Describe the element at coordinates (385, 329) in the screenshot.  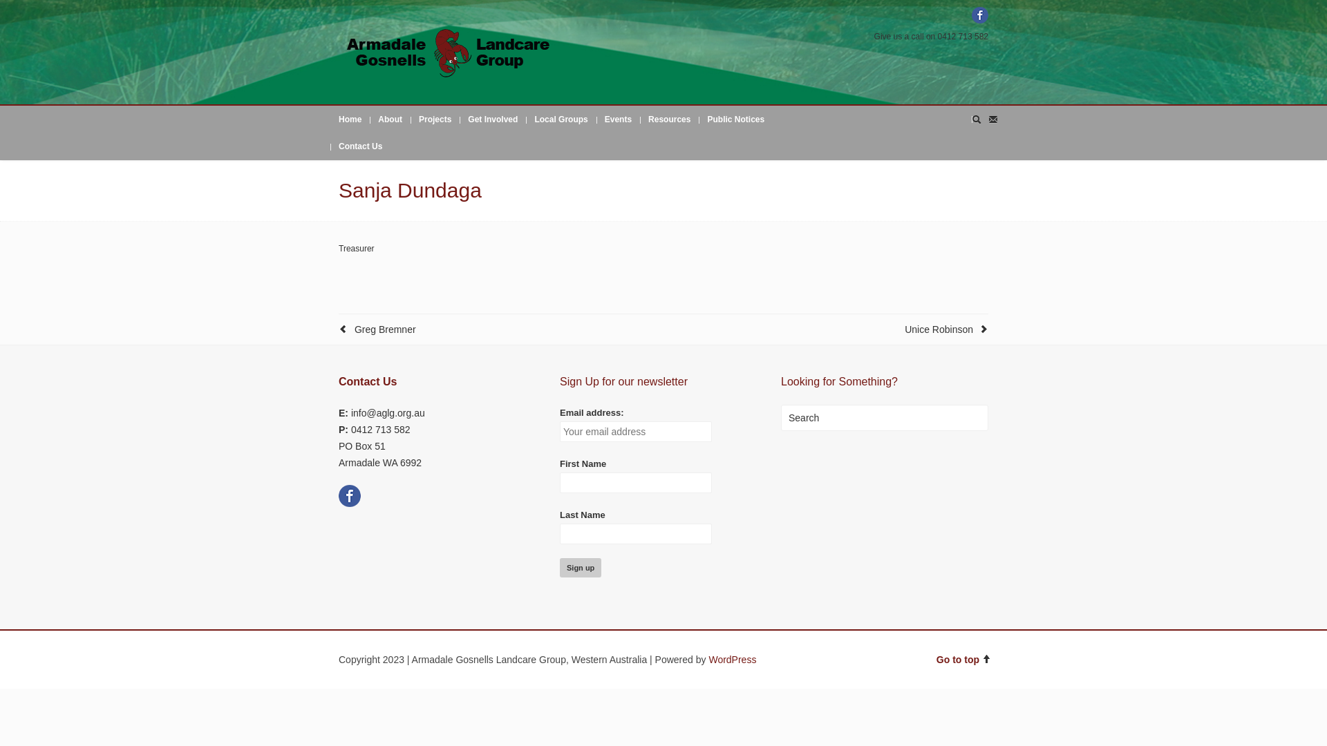
I see `'Greg Bremner'` at that location.